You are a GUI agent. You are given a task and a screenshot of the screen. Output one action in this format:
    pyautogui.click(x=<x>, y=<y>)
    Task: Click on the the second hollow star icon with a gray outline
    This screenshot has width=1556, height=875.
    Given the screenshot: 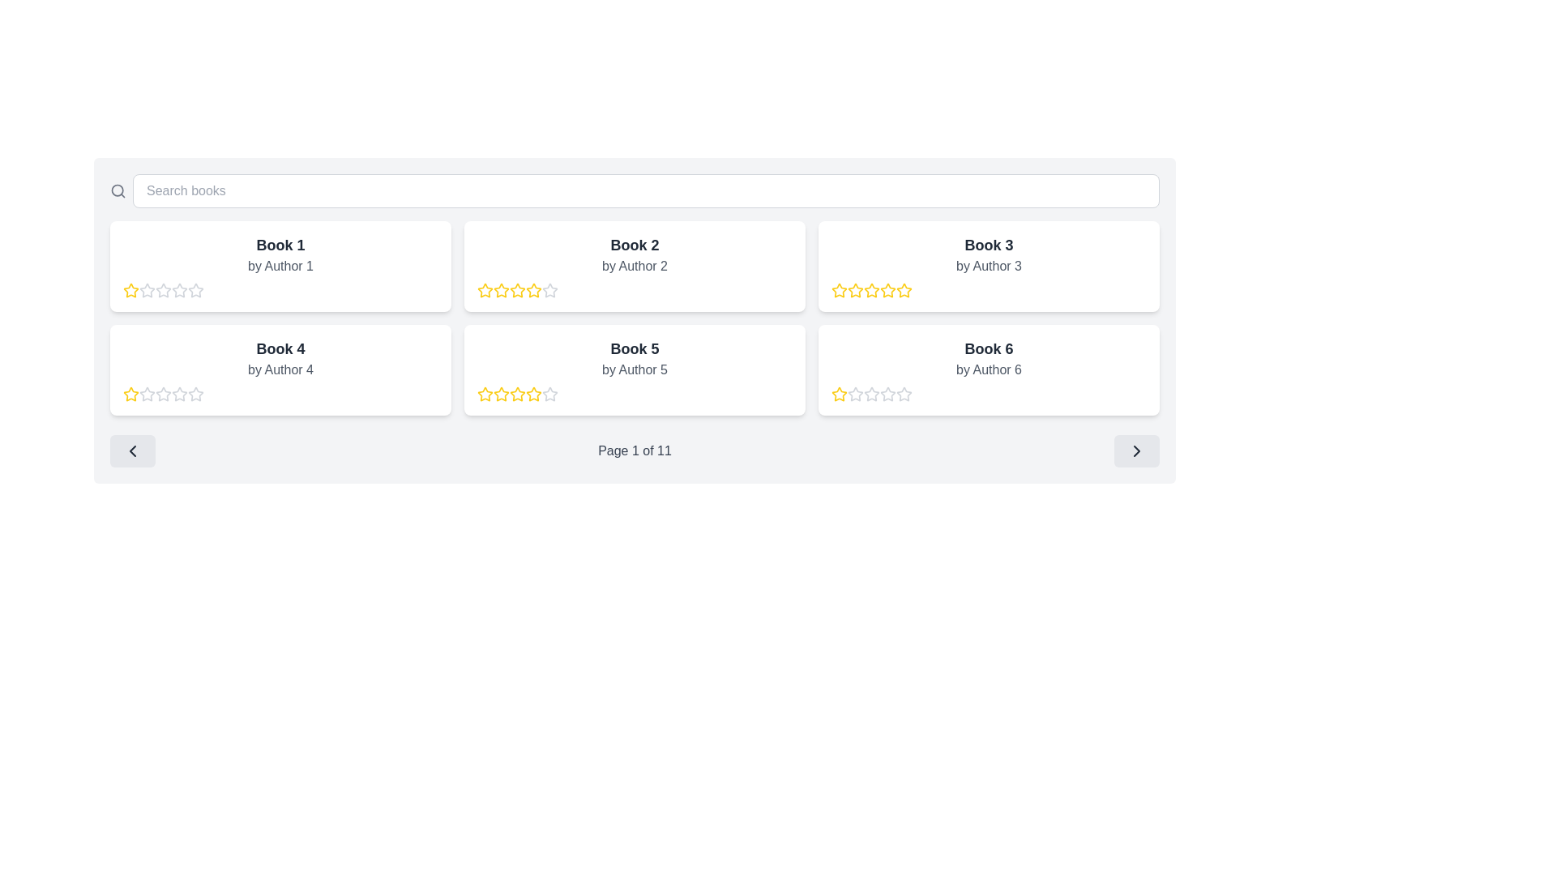 What is the action you would take?
    pyautogui.click(x=194, y=394)
    